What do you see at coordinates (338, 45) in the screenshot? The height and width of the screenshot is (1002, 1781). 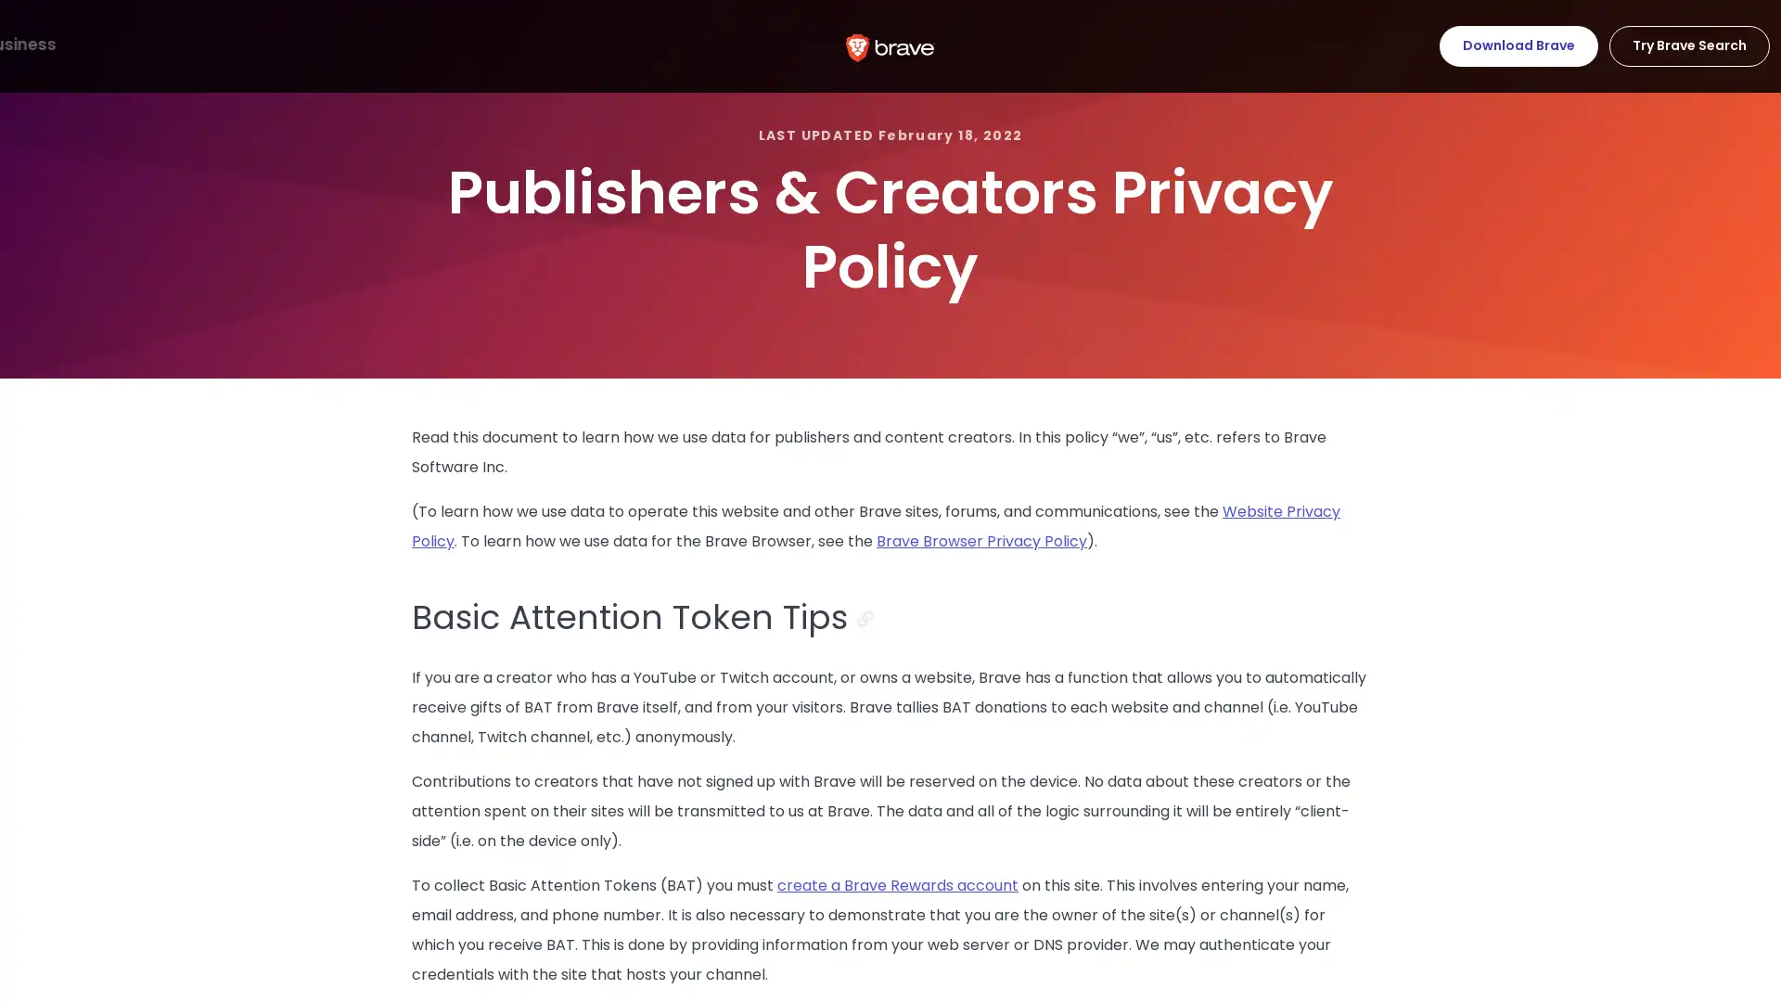 I see `Resources` at bounding box center [338, 45].